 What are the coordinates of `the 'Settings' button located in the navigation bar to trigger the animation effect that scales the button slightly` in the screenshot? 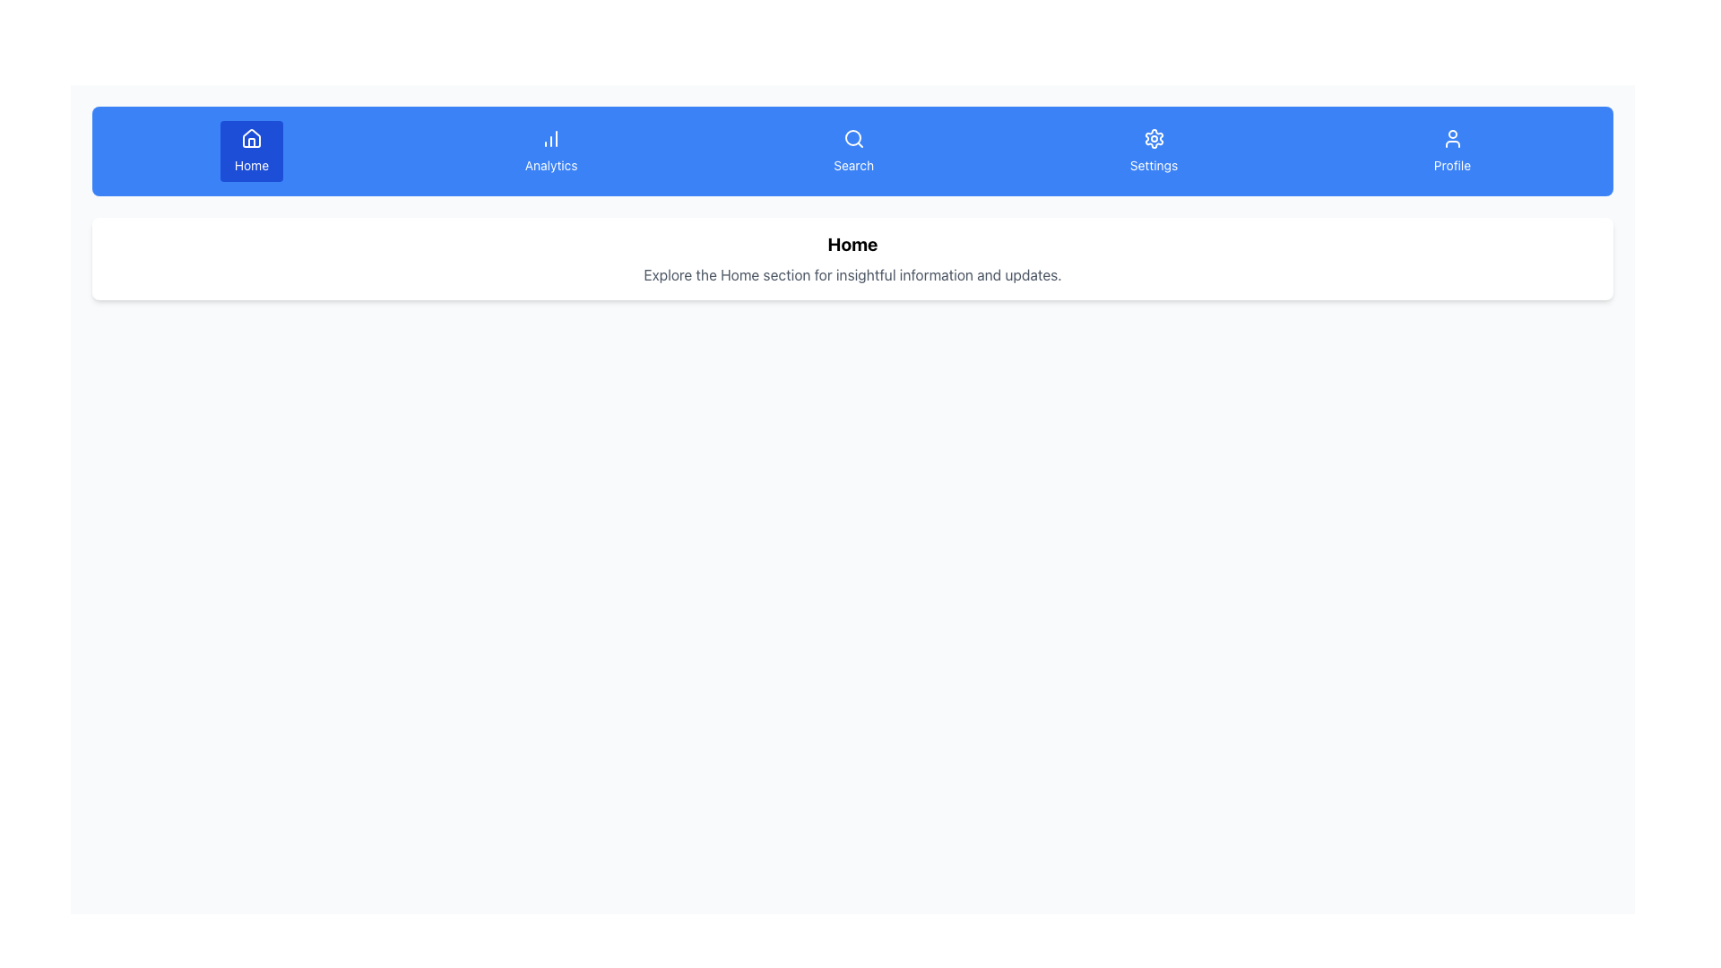 It's located at (1154, 151).